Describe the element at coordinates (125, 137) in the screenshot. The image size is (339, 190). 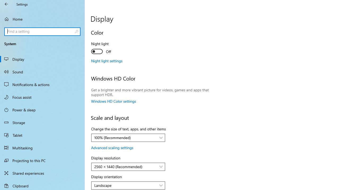
I see `'100% (Recommended)'` at that location.